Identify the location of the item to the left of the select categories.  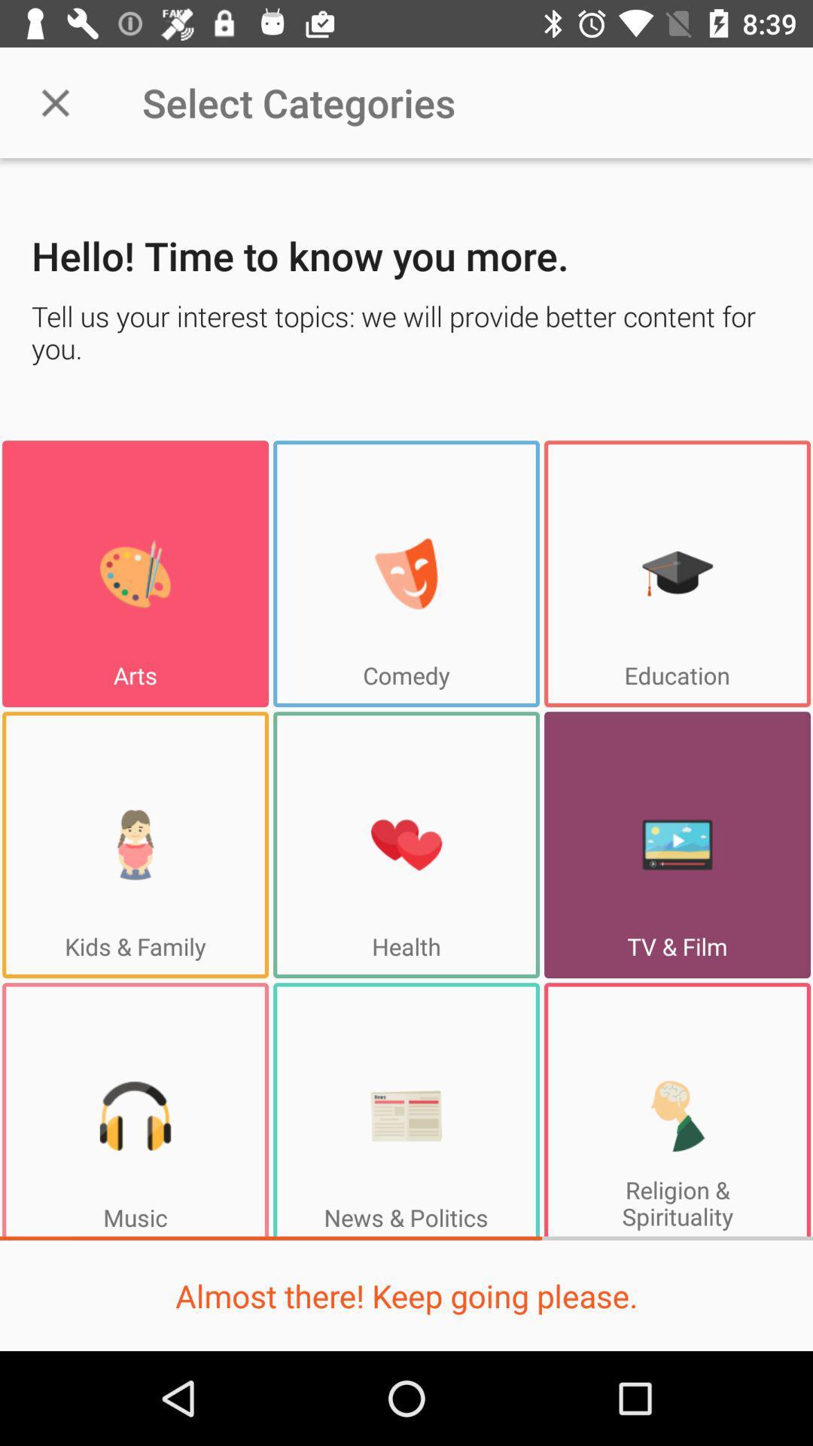
(54, 102).